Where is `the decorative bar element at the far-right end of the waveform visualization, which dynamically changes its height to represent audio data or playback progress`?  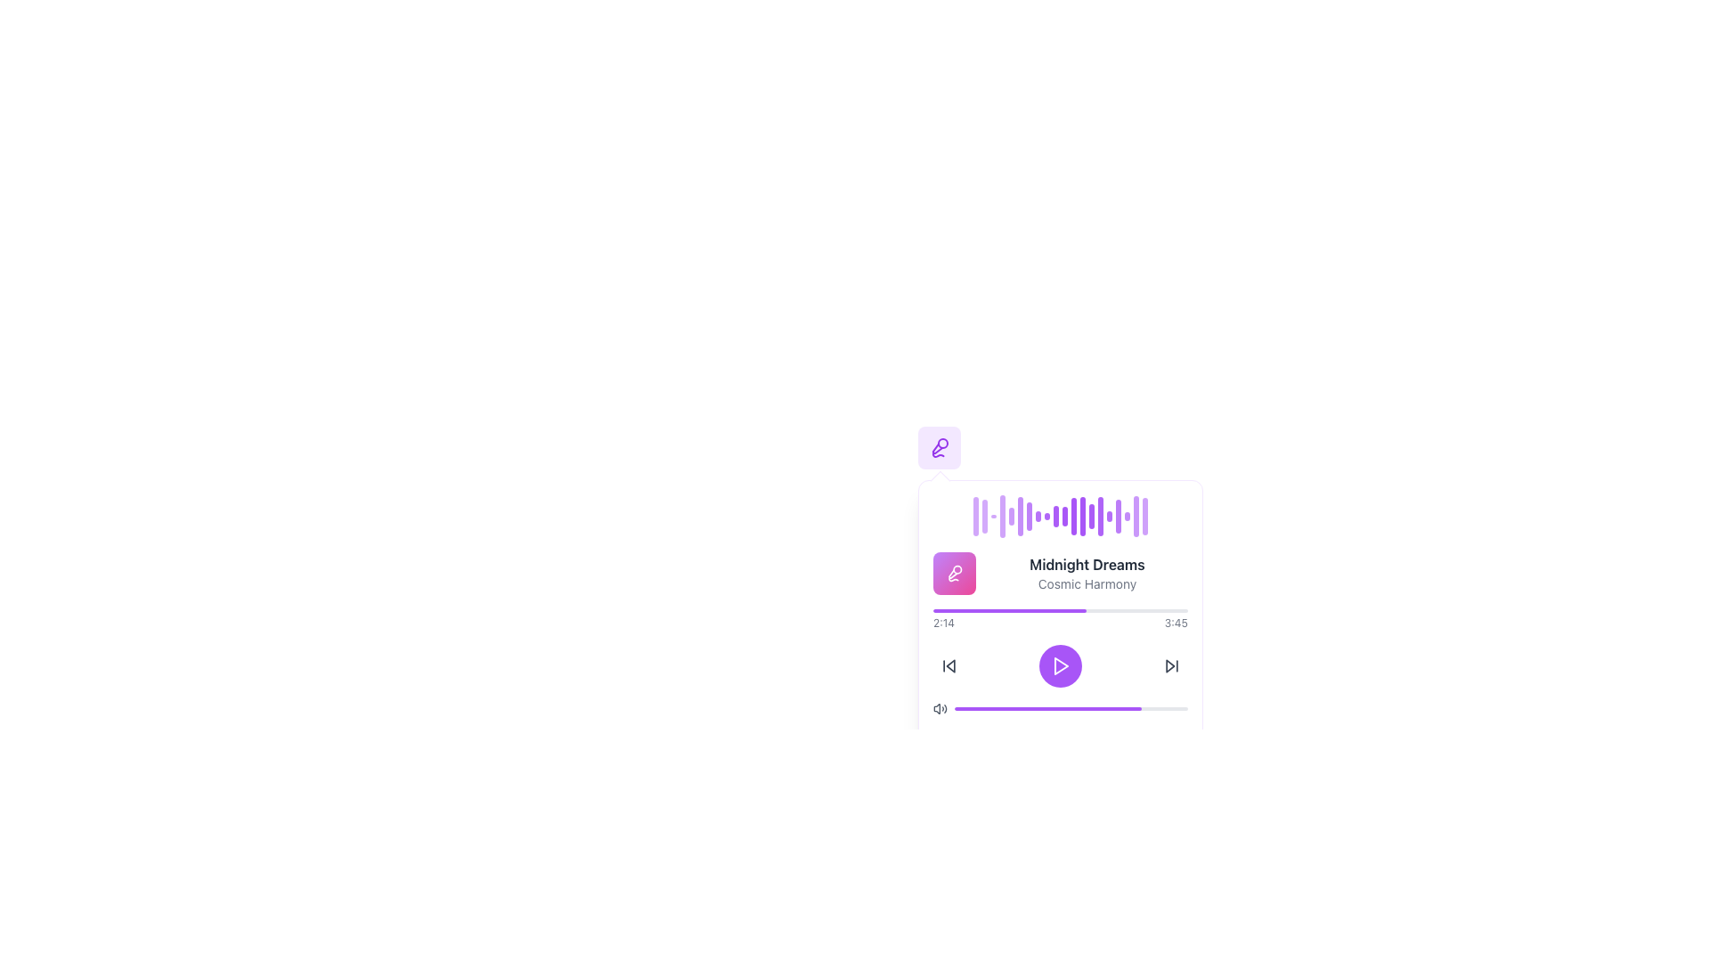
the decorative bar element at the far-right end of the waveform visualization, which dynamically changes its height to represent audio data or playback progress is located at coordinates (1145, 515).